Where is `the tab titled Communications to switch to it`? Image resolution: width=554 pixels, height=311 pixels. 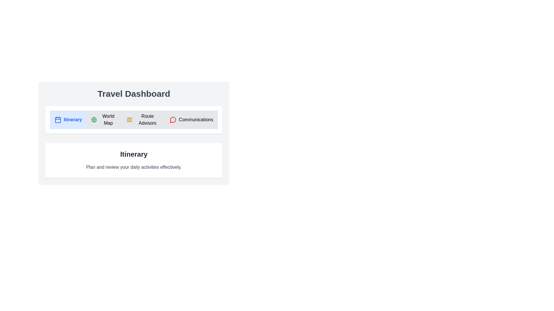 the tab titled Communications to switch to it is located at coordinates (191, 120).